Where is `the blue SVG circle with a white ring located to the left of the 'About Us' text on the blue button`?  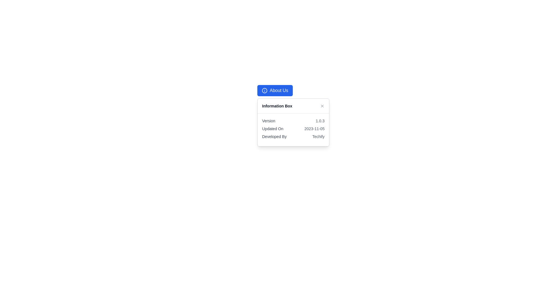
the blue SVG circle with a white ring located to the left of the 'About Us' text on the blue button is located at coordinates (264, 90).